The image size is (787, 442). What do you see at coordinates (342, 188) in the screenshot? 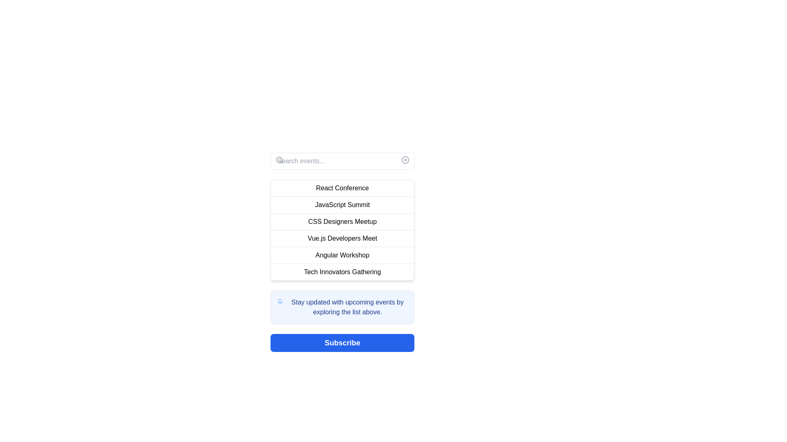
I see `the list item displaying 'React Conference', which is the first item in a vertical list of events located below the search bar` at bounding box center [342, 188].